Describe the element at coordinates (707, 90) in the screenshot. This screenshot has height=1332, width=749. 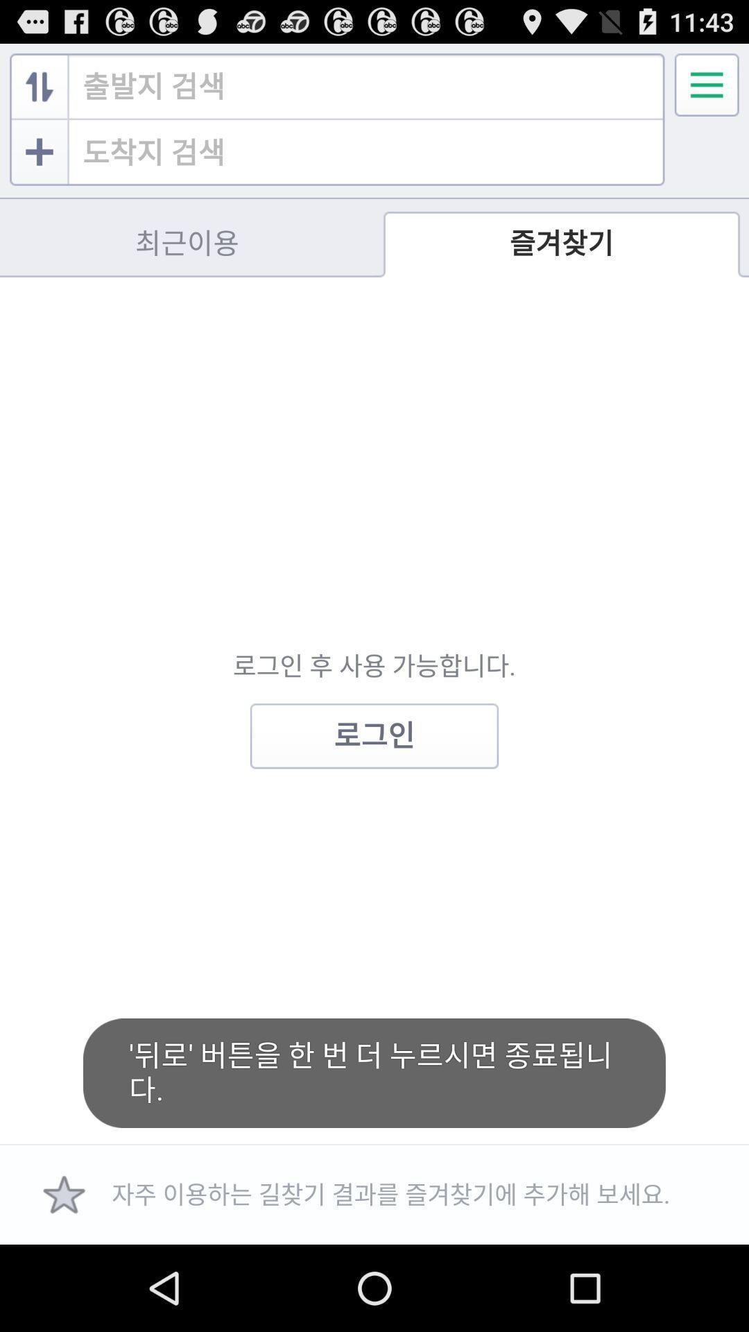
I see `the menu icon` at that location.